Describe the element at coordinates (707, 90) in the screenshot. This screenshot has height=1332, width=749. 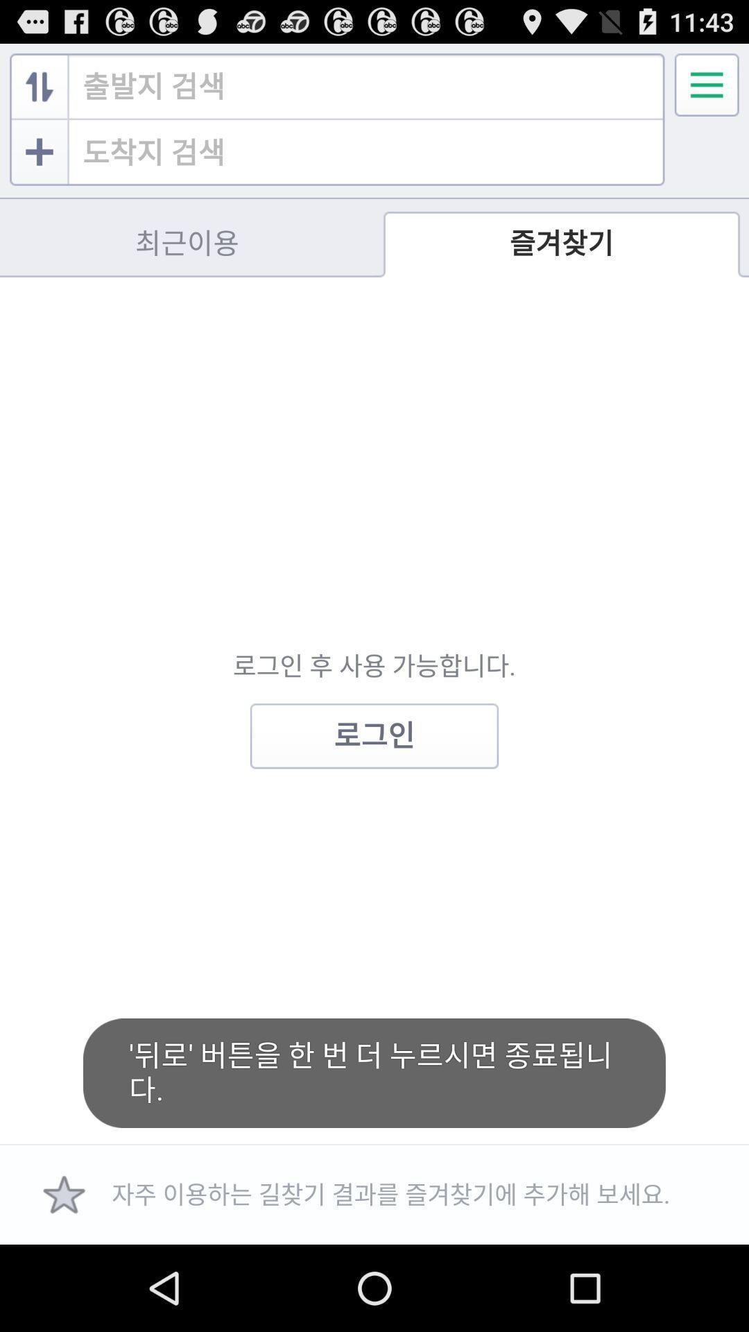
I see `the menu icon` at that location.